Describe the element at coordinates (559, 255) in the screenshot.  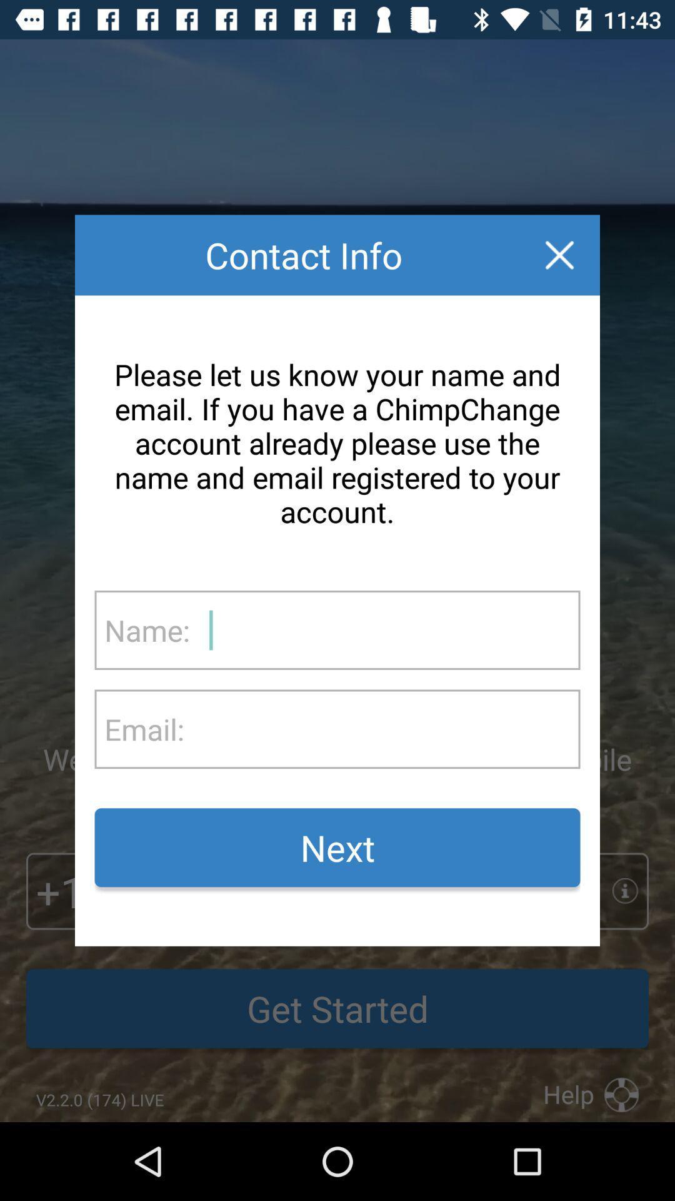
I see `the item next to contact info item` at that location.